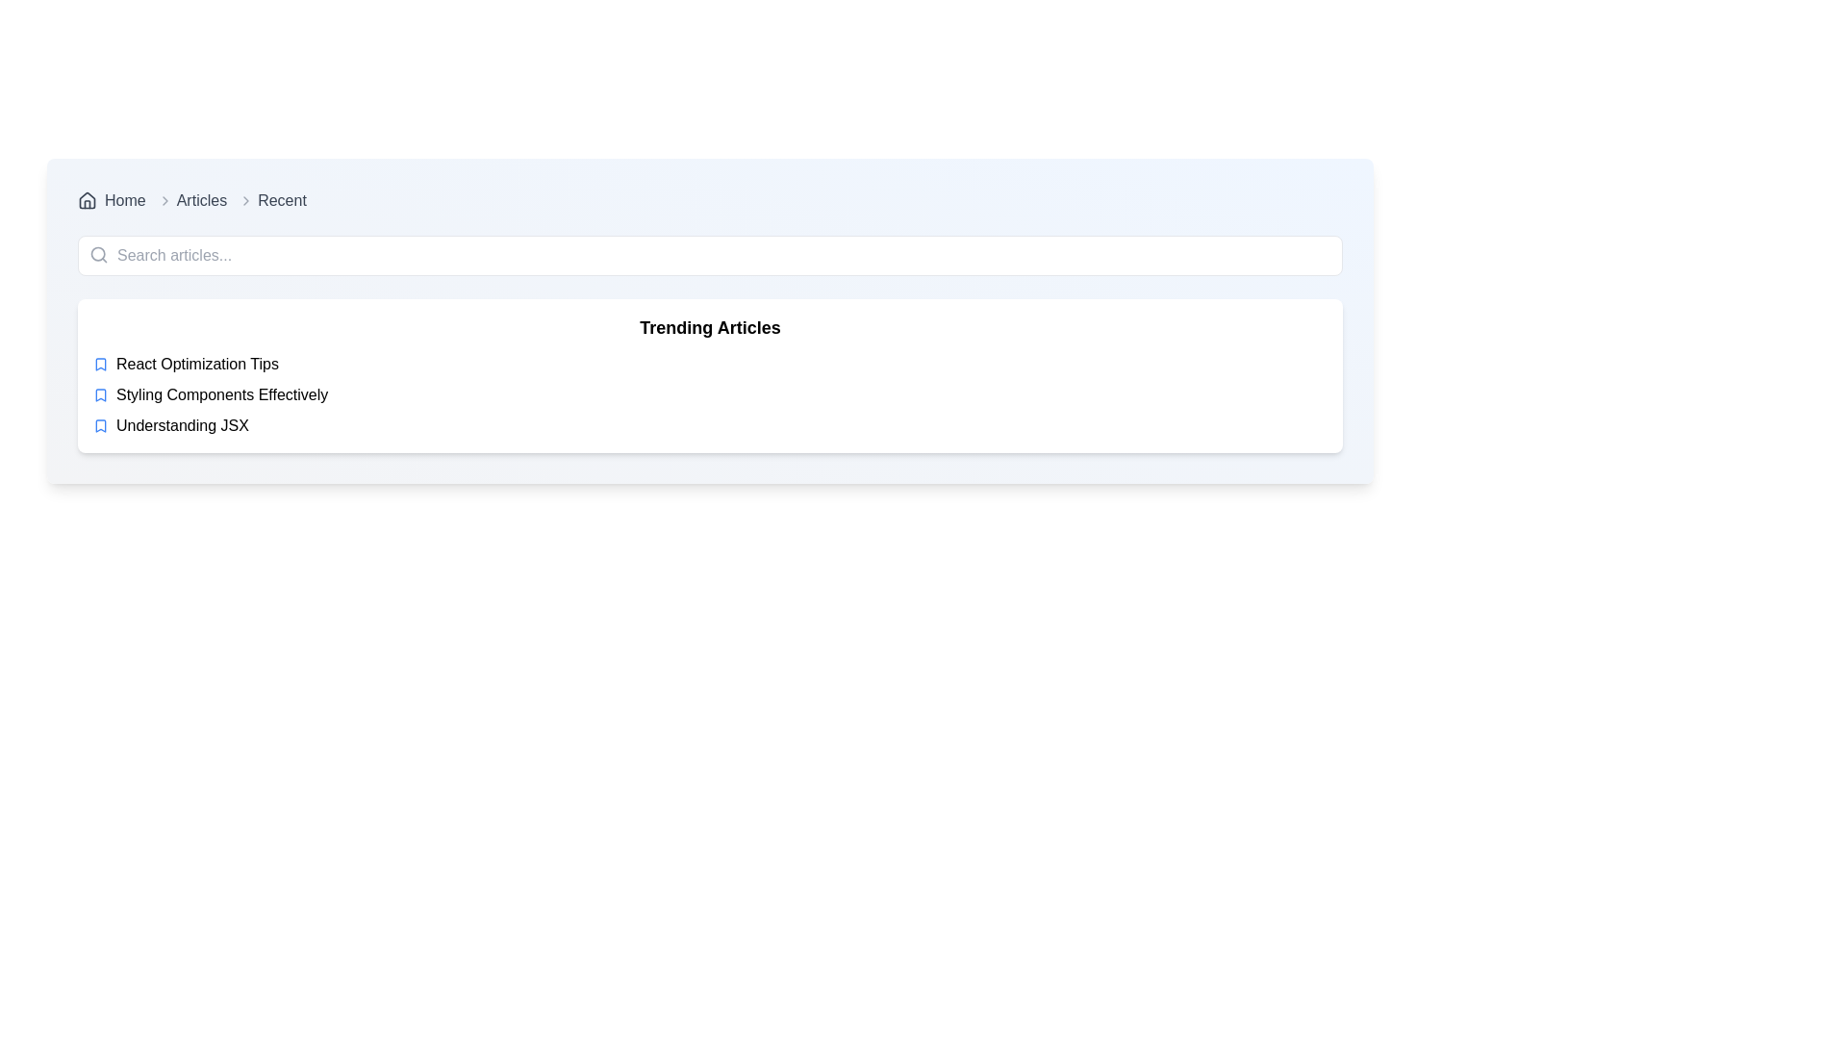  What do you see at coordinates (100, 394) in the screenshot?
I see `the blue bookmark icon located to the left of the text 'Styling Components Effectively'` at bounding box center [100, 394].